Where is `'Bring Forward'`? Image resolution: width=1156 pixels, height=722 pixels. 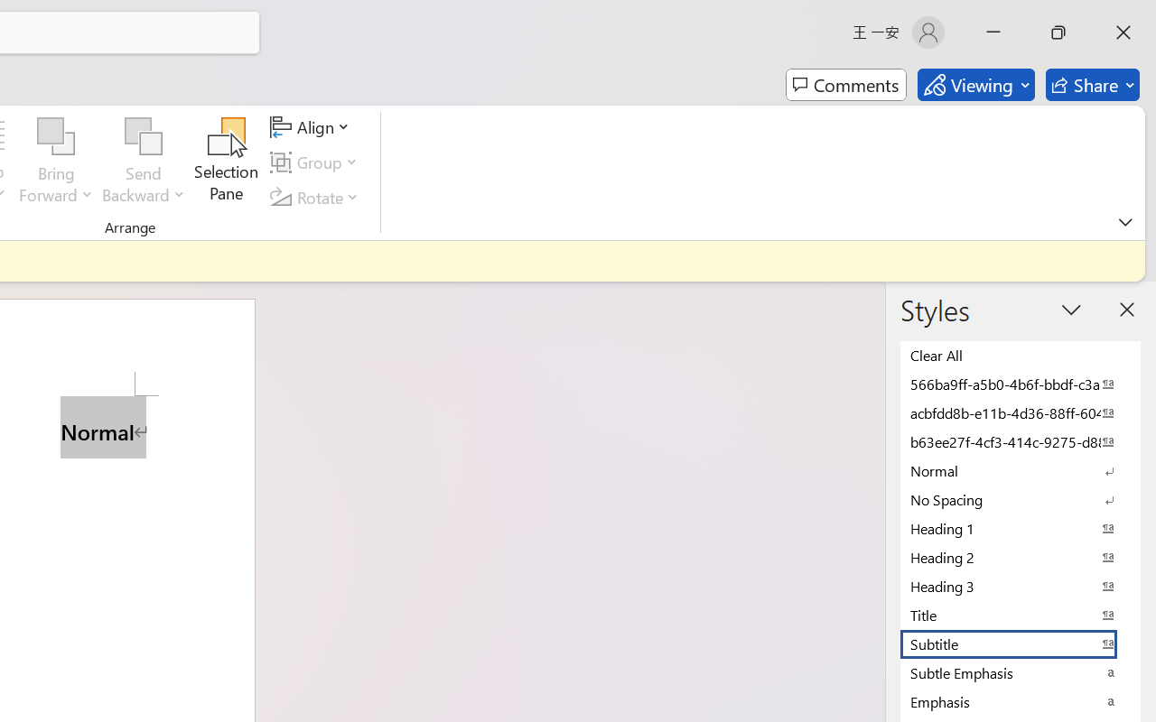 'Bring Forward' is located at coordinates (56, 162).